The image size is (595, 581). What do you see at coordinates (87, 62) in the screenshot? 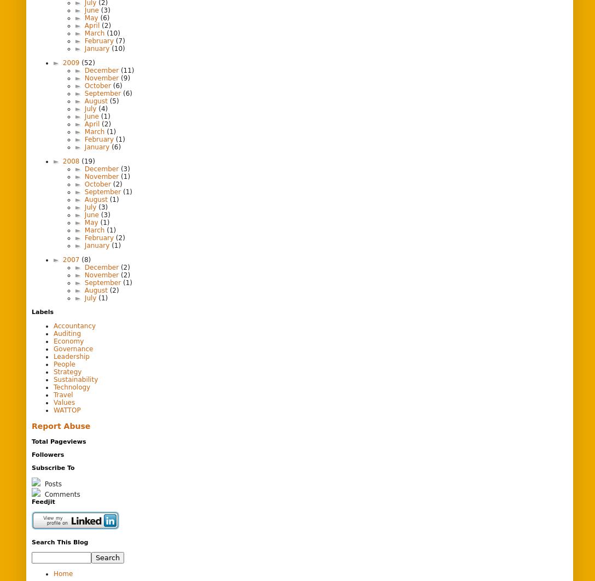
I see `'(52)'` at bounding box center [87, 62].